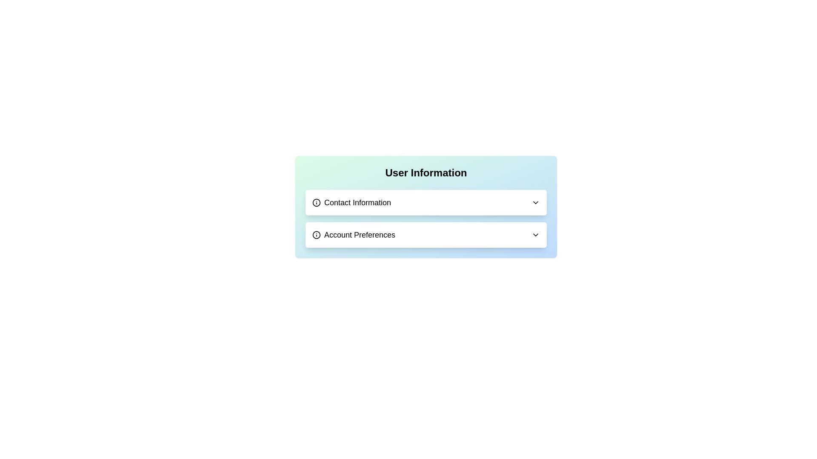 The width and height of the screenshot is (817, 459). What do you see at coordinates (535, 203) in the screenshot?
I see `the dropdown toggle icon located on the far right of the 'Contact Information' section` at bounding box center [535, 203].